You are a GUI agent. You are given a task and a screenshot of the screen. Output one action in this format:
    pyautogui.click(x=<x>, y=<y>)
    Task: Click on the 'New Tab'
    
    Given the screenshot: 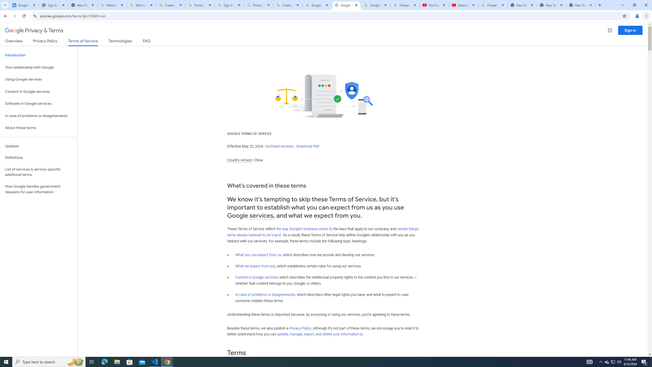 What is the action you would take?
    pyautogui.click(x=580, y=5)
    